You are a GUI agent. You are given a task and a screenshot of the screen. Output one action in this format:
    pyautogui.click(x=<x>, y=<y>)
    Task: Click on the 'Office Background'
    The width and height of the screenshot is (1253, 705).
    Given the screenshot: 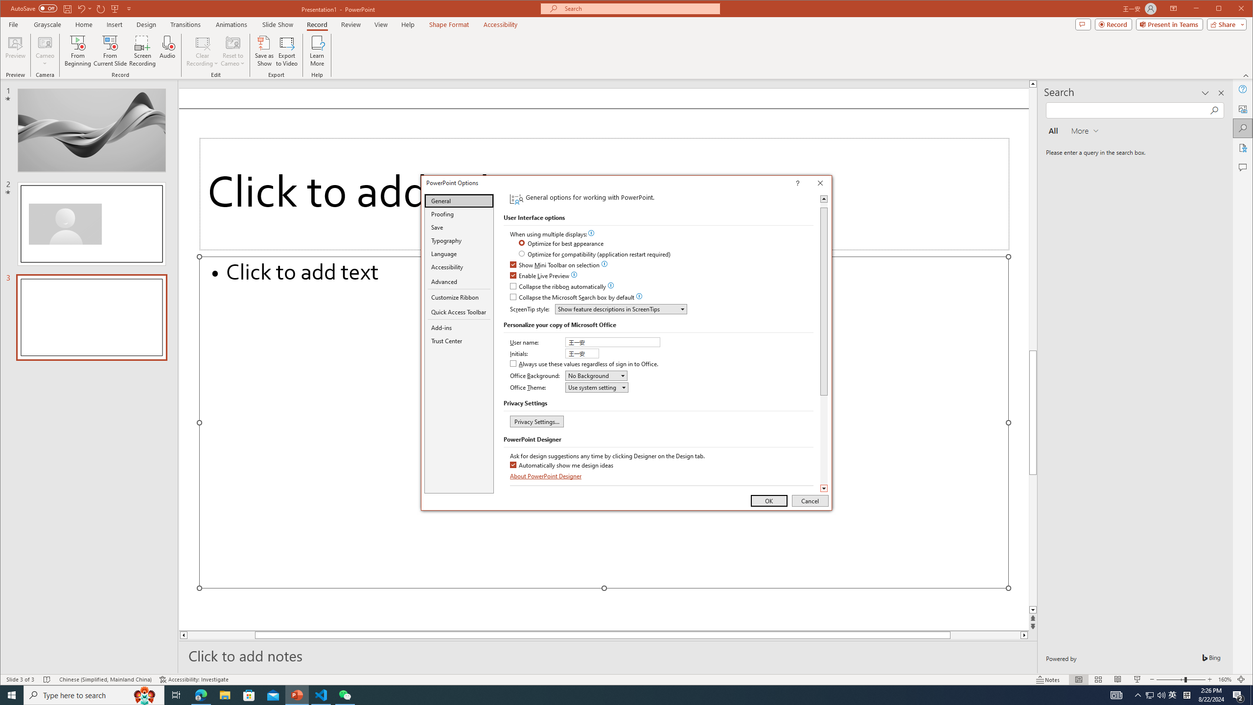 What is the action you would take?
    pyautogui.click(x=596, y=375)
    